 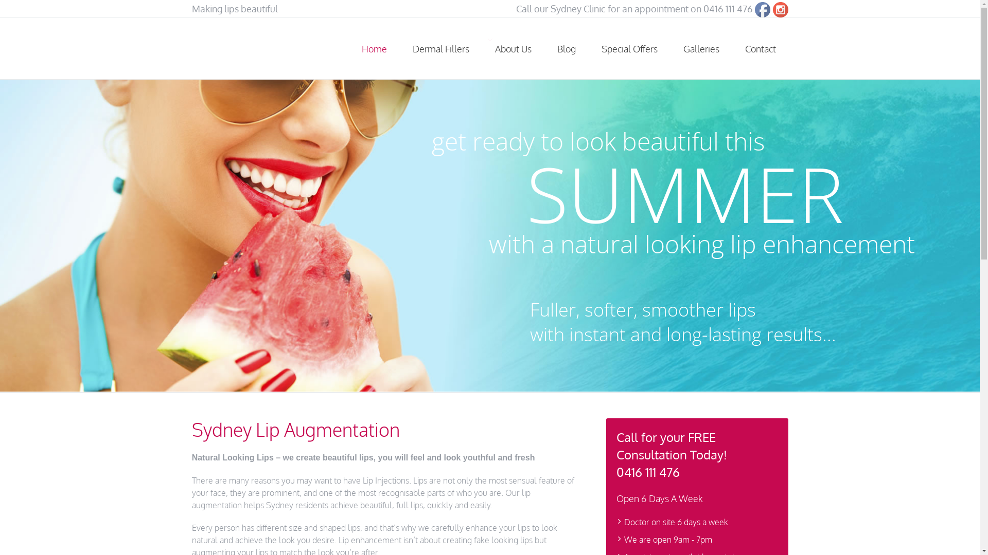 I want to click on 'About Us', so click(x=513, y=49).